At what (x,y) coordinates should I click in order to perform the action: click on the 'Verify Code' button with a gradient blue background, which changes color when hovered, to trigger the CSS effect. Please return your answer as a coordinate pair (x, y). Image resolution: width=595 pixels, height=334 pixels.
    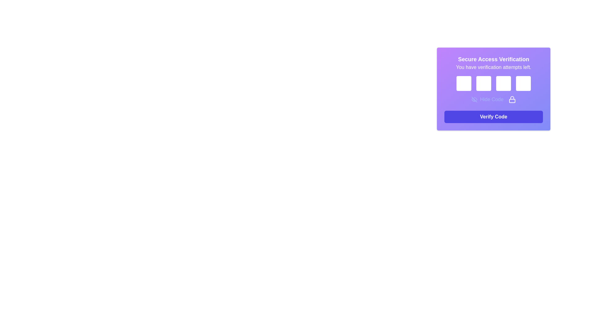
    Looking at the image, I should click on (493, 117).